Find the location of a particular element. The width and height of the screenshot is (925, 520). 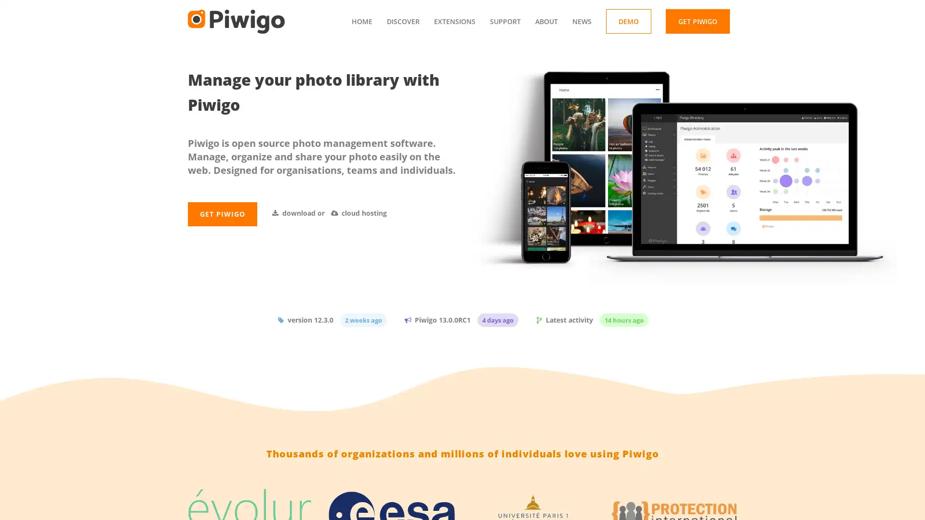

GET PIWIGO is located at coordinates (222, 236).